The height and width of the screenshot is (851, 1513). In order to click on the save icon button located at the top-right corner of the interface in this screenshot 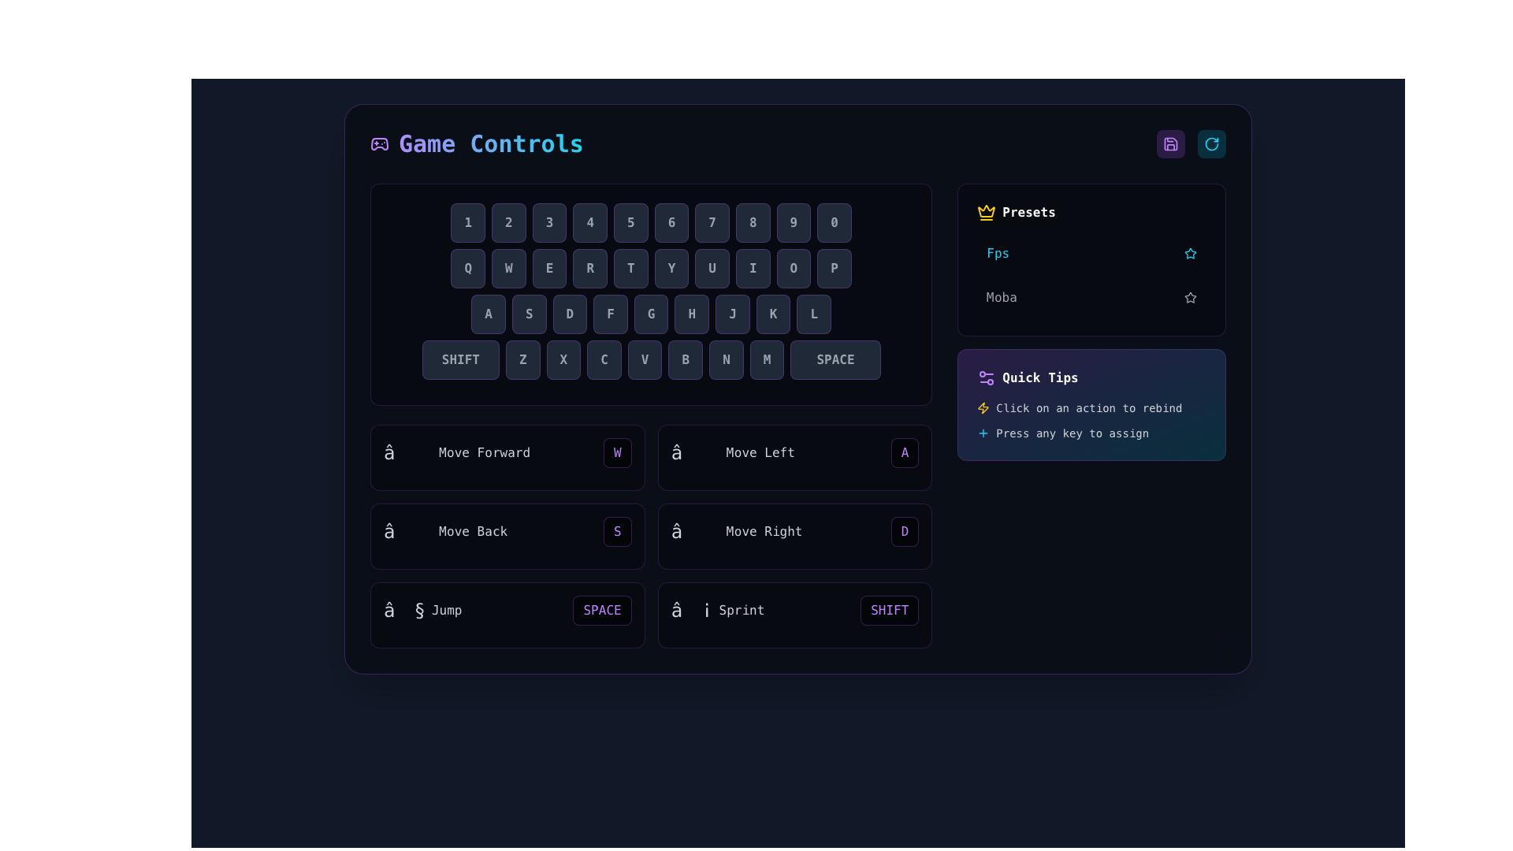, I will do `click(1171, 143)`.